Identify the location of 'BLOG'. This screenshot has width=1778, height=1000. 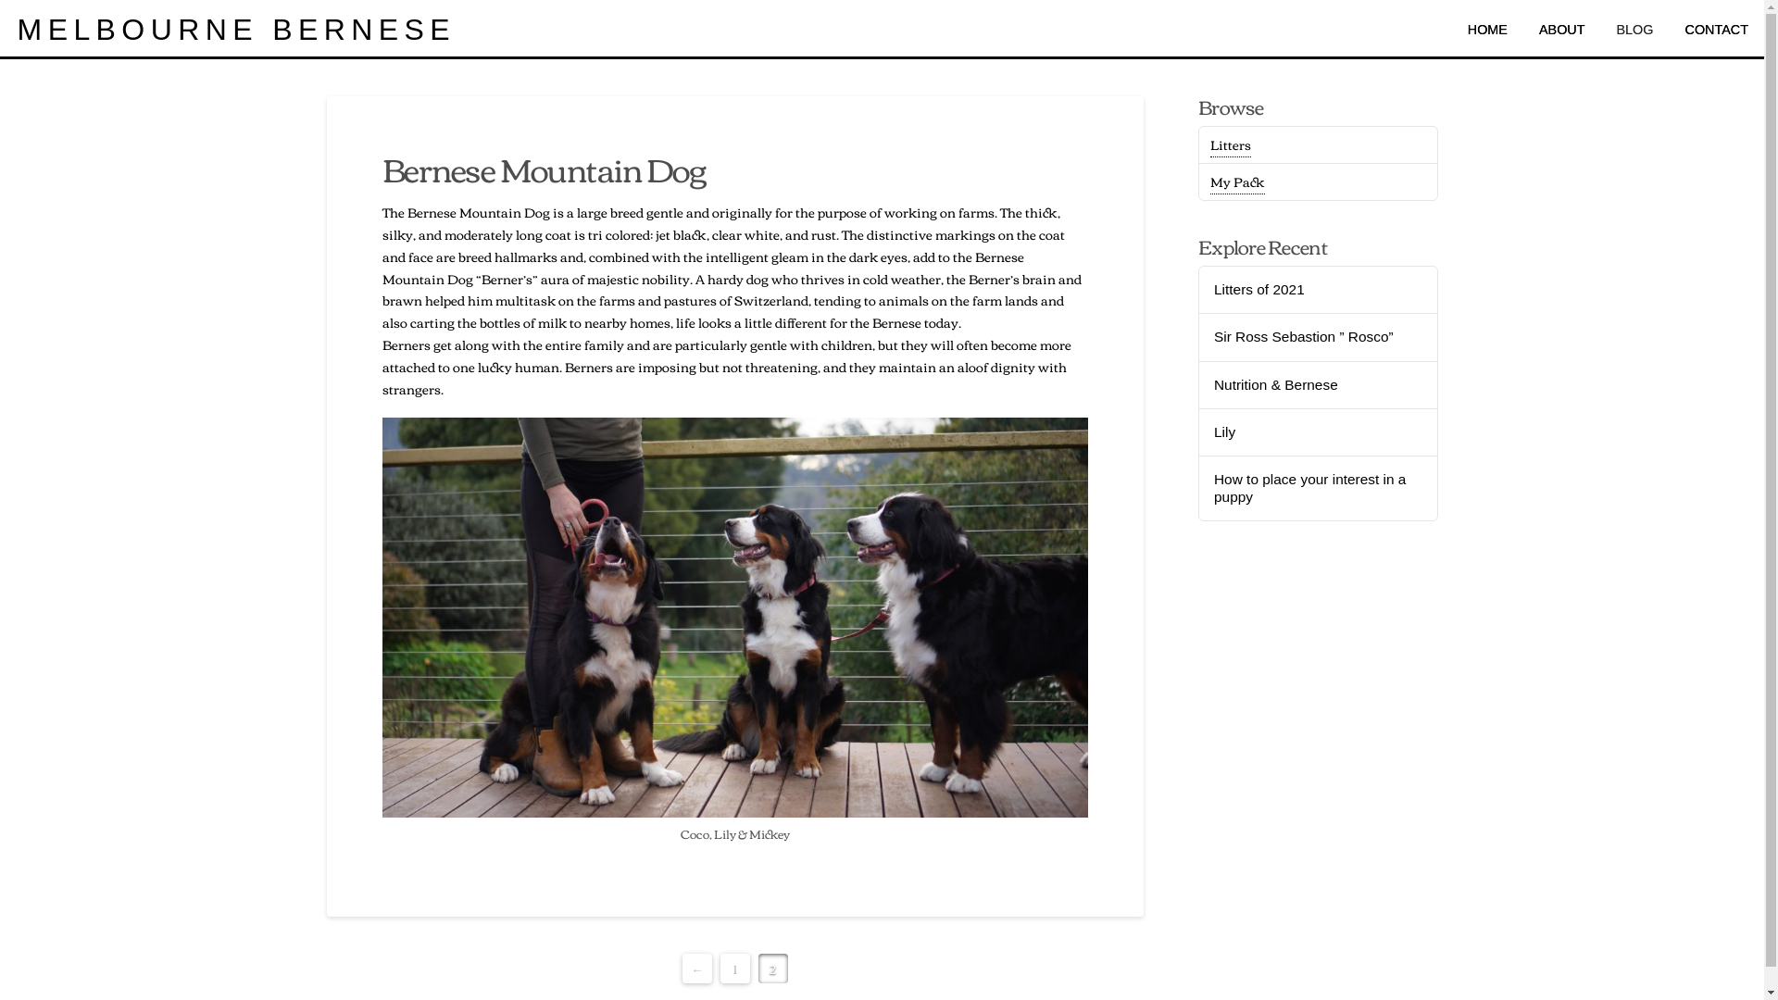
(1635, 29).